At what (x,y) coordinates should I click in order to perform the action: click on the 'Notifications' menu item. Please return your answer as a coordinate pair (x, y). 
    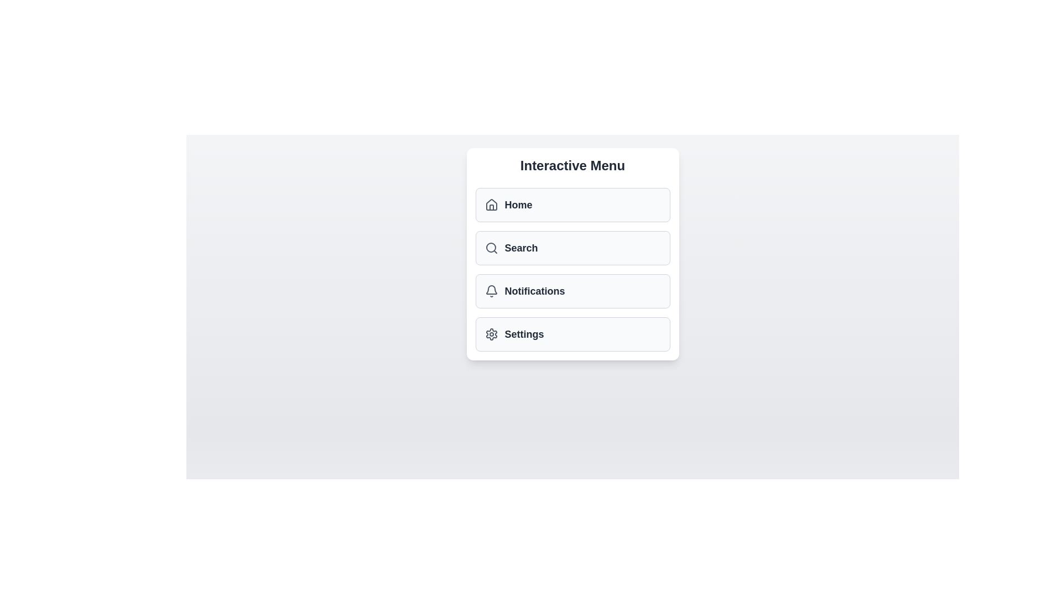
    Looking at the image, I should click on (572, 291).